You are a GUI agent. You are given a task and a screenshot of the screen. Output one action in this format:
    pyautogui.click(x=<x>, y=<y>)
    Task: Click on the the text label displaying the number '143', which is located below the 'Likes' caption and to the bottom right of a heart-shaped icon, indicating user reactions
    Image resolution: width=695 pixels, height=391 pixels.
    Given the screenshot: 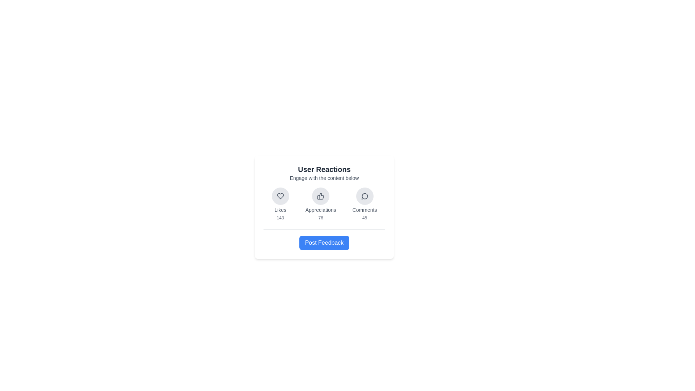 What is the action you would take?
    pyautogui.click(x=280, y=217)
    